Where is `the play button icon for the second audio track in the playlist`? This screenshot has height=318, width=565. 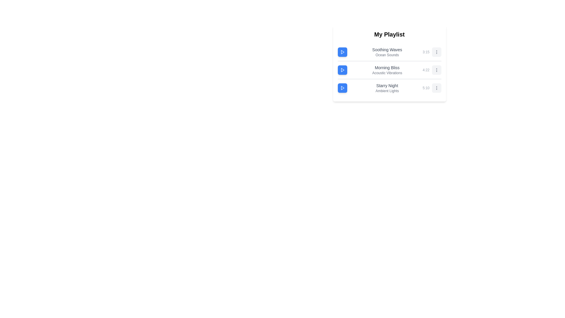
the play button icon for the second audio track in the playlist is located at coordinates (343, 70).